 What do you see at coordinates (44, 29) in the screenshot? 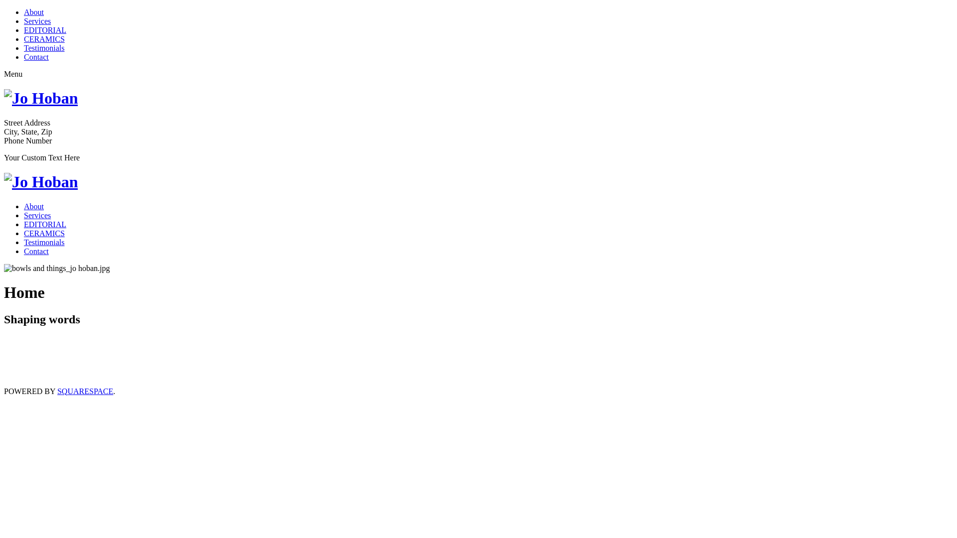
I see `'EDITORIAL'` at bounding box center [44, 29].